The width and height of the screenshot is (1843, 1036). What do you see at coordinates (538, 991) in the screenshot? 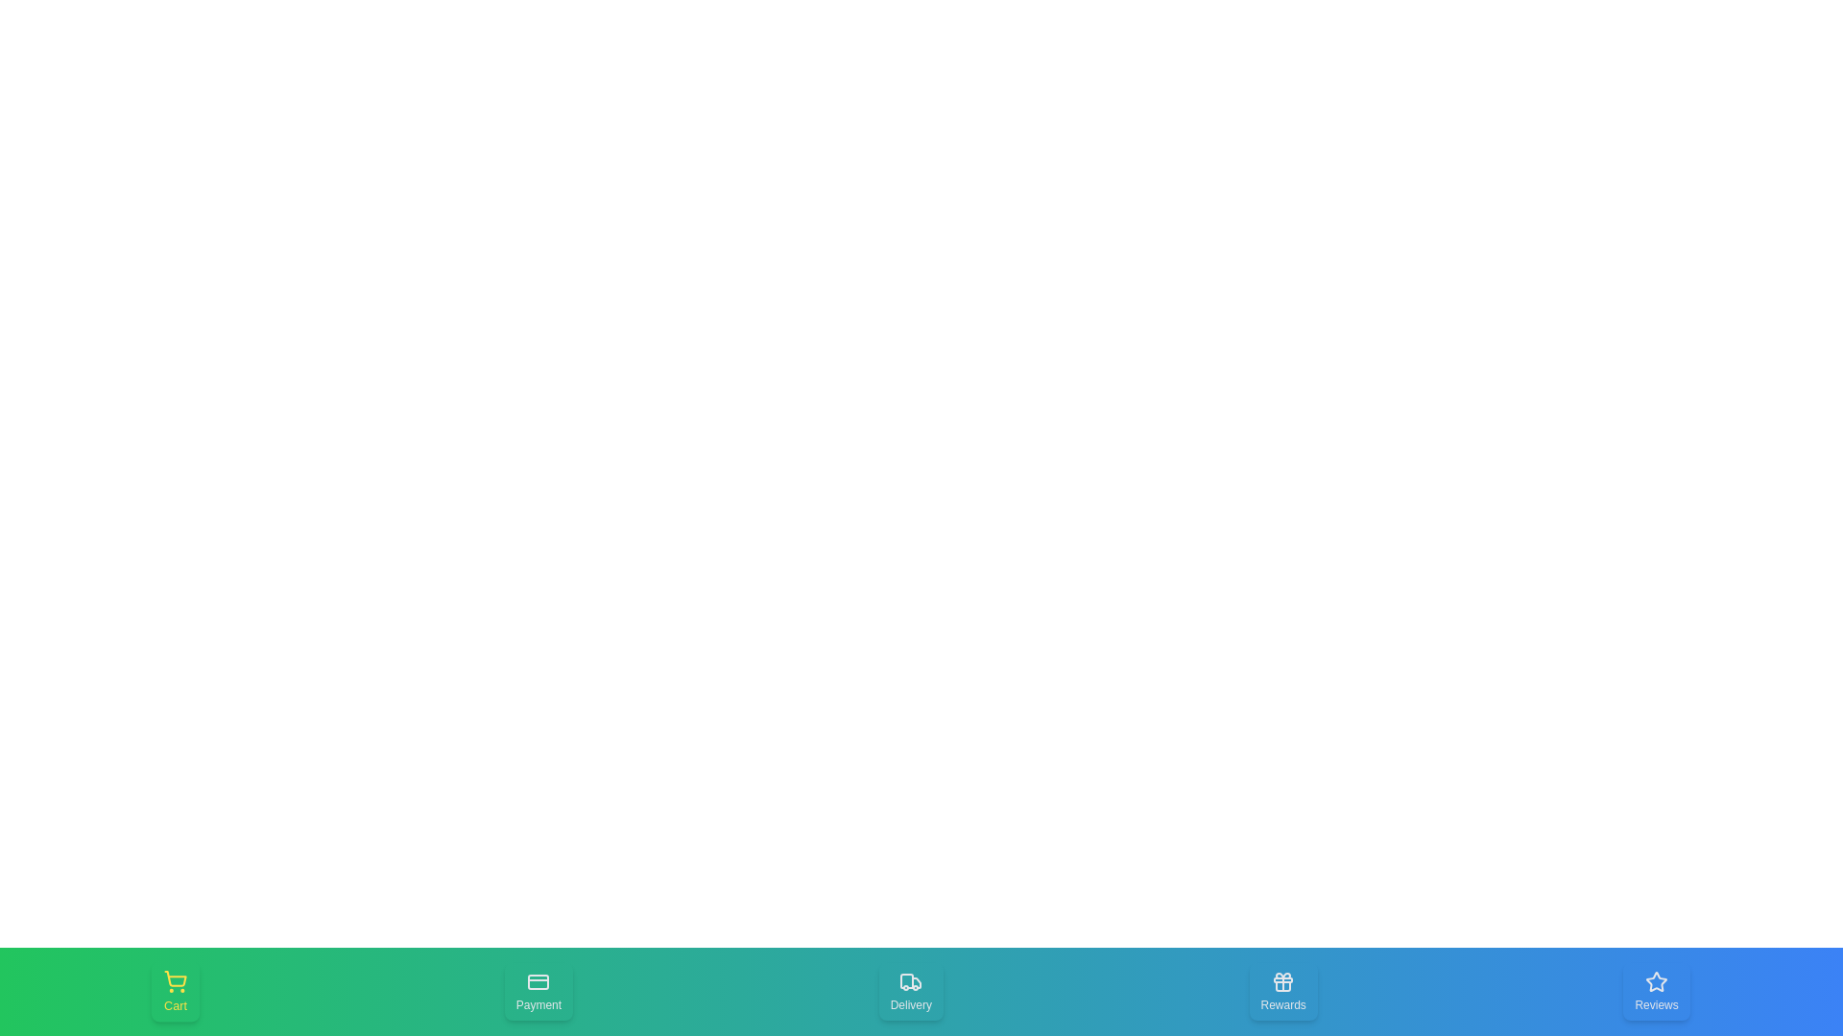
I see `the Payment navigation tab` at bounding box center [538, 991].